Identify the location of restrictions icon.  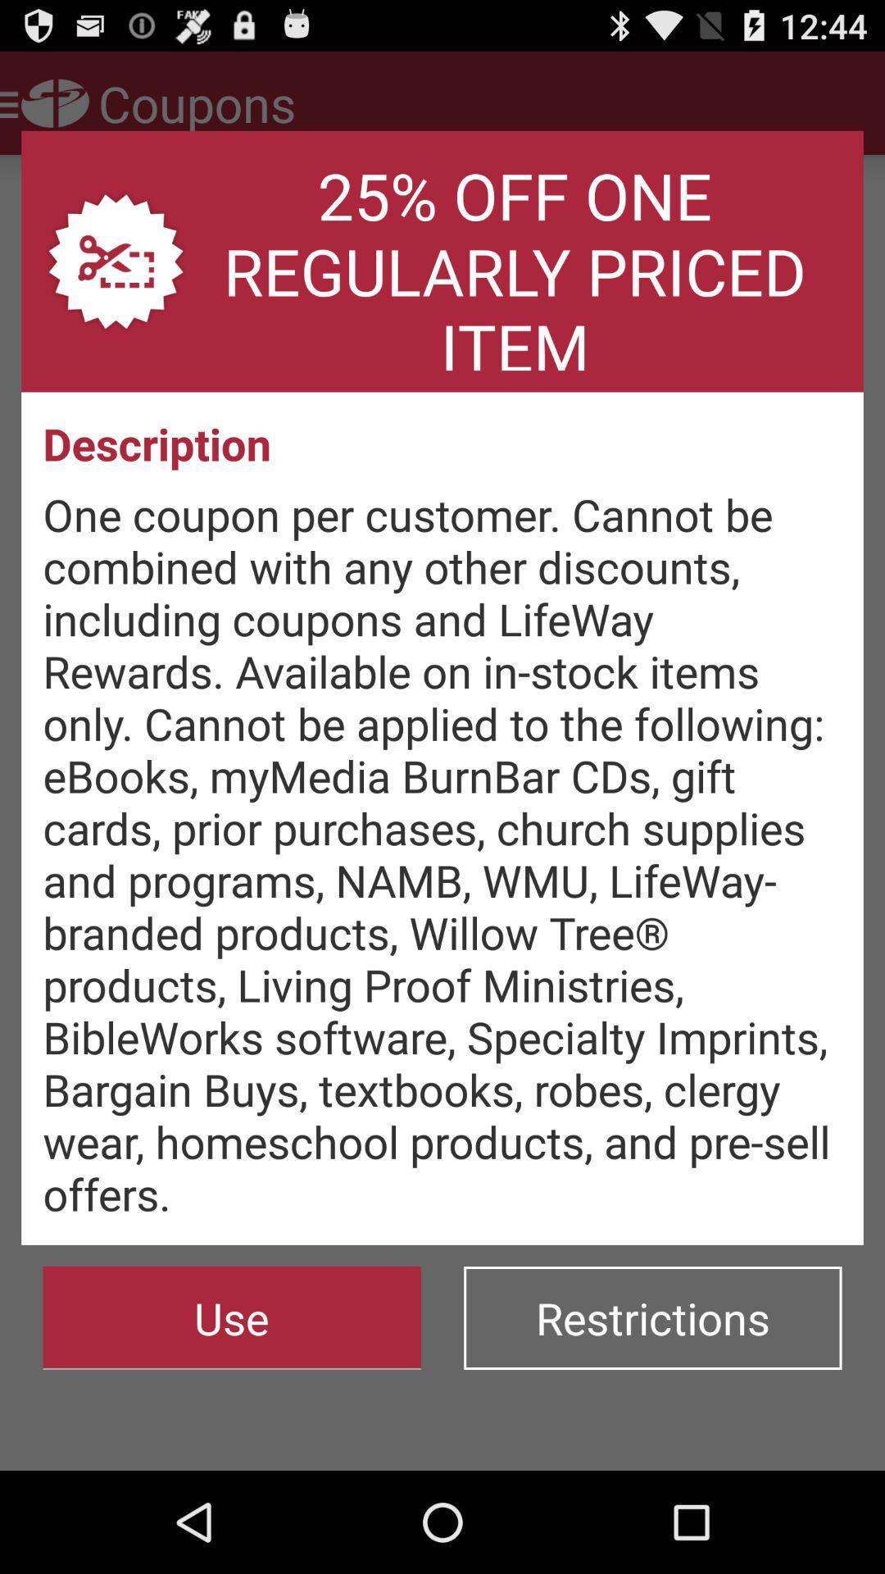
(651, 1318).